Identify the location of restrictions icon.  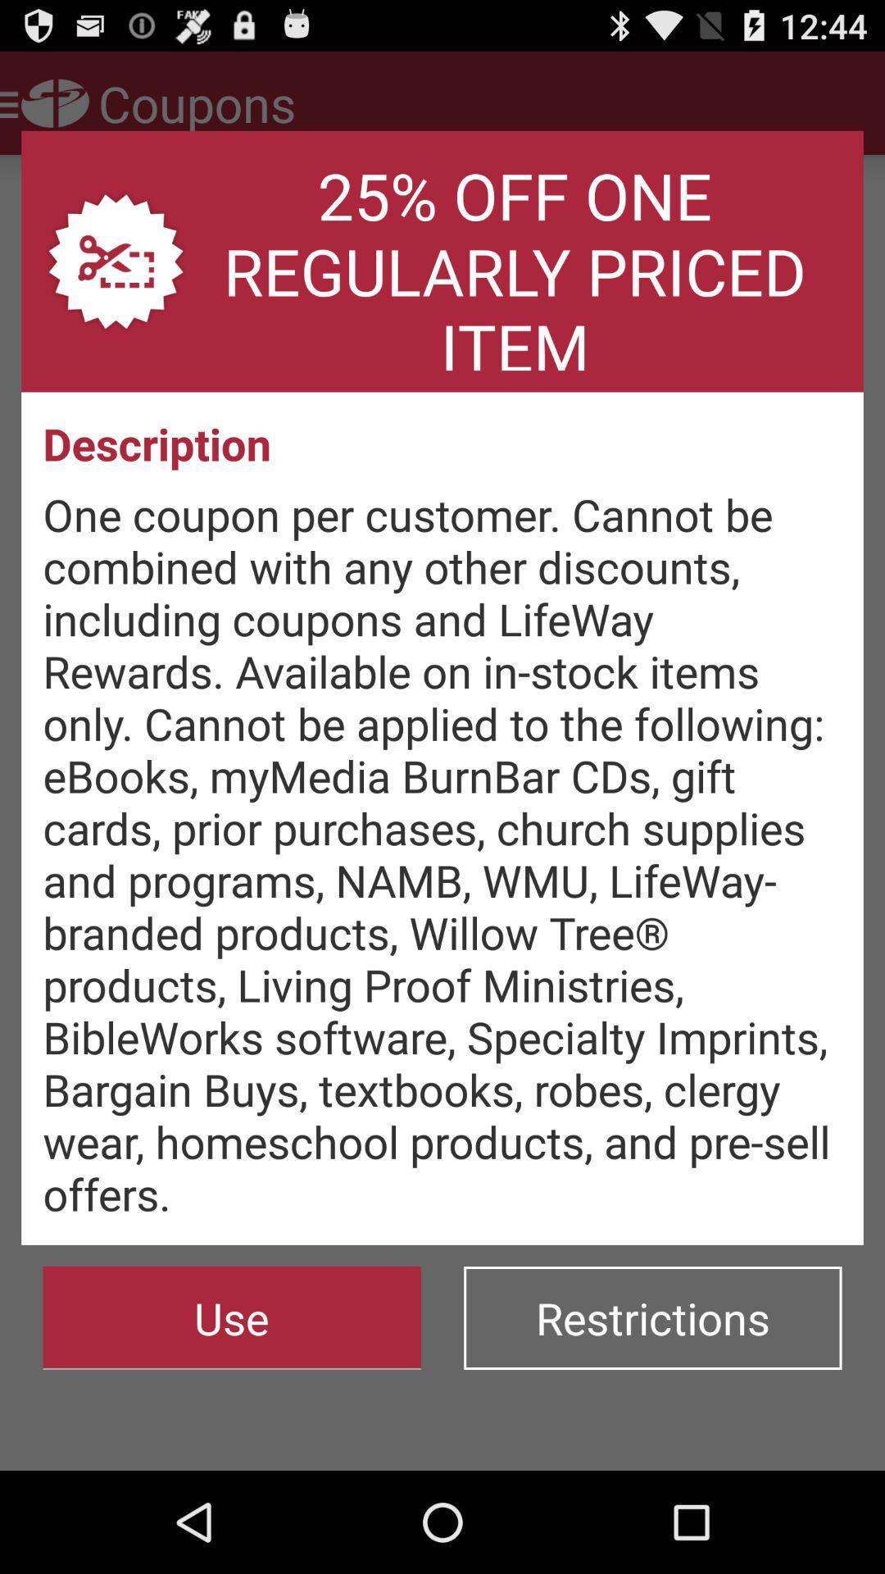
(651, 1318).